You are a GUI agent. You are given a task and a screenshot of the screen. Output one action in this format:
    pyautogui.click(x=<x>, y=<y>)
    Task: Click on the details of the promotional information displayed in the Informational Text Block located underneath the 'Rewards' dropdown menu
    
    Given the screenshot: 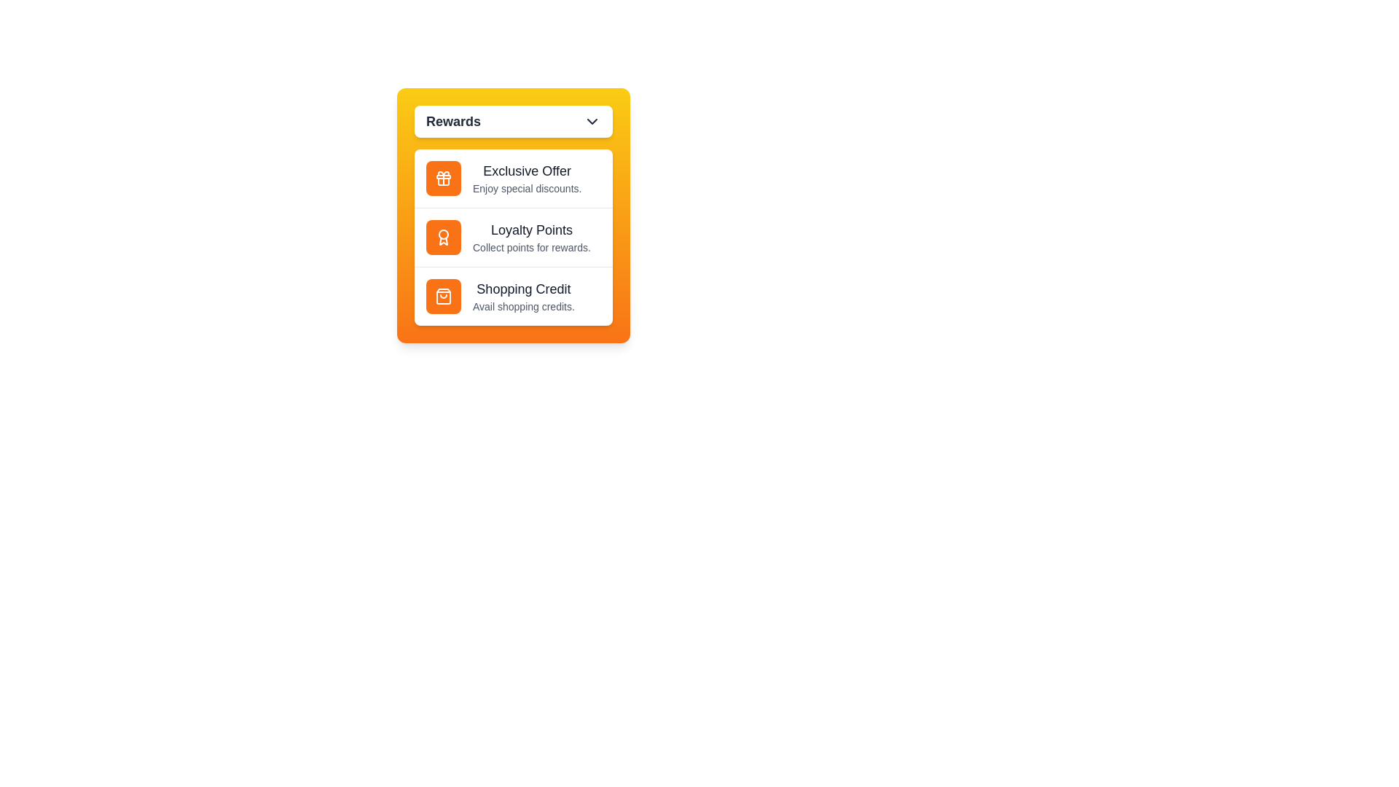 What is the action you would take?
    pyautogui.click(x=526, y=178)
    